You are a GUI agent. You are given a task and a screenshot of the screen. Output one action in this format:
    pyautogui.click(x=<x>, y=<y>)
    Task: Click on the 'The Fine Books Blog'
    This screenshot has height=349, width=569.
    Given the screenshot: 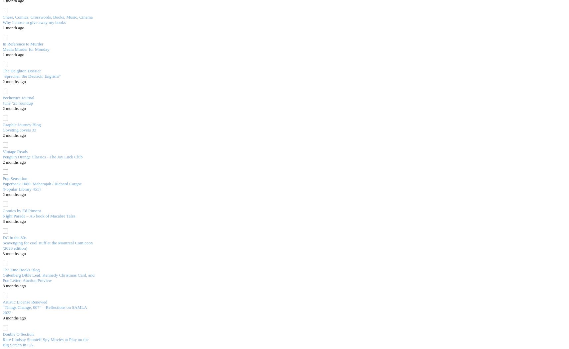 What is the action you would take?
    pyautogui.click(x=21, y=269)
    